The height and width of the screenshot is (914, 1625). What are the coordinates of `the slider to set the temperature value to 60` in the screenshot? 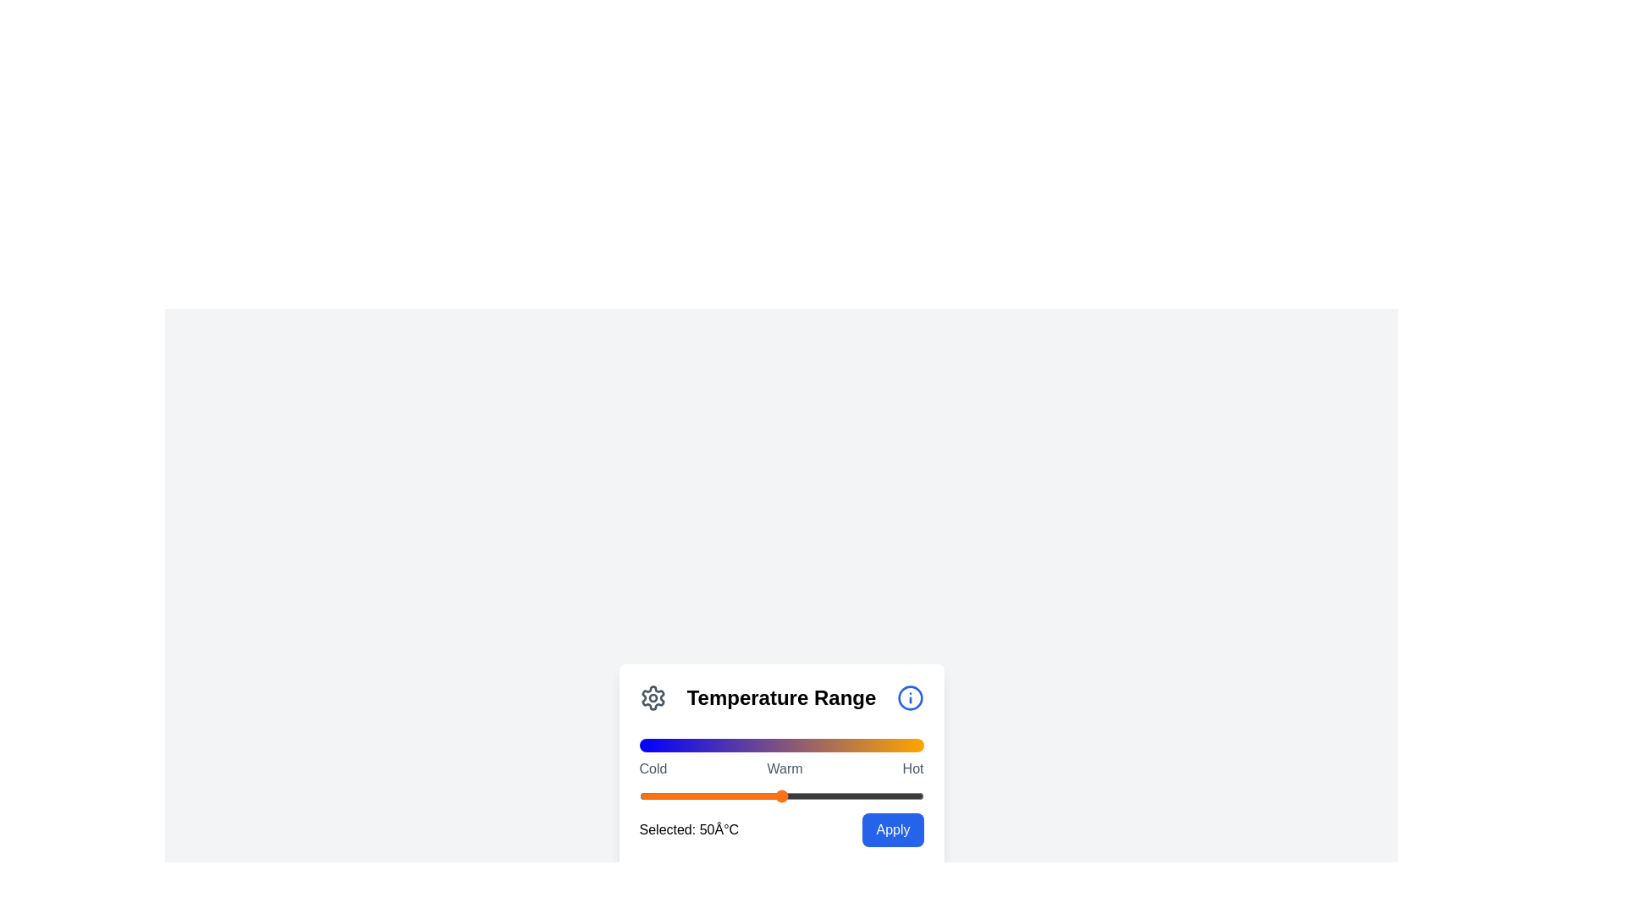 It's located at (809, 796).